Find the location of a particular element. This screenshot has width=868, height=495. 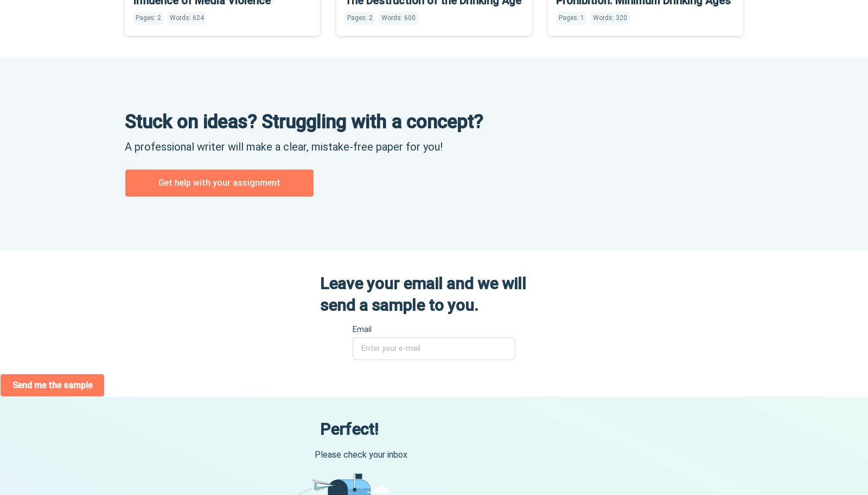

'Pages: 1' is located at coordinates (571, 17).